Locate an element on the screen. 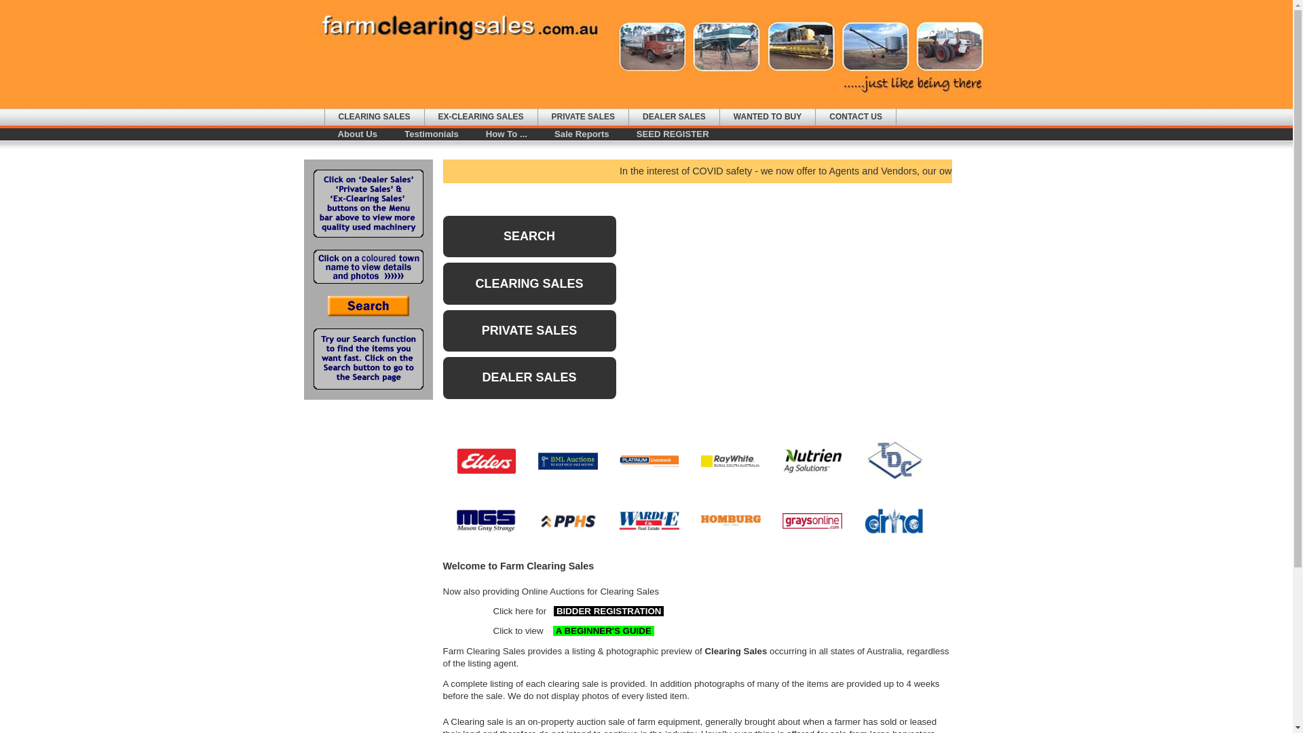  'About Us' is located at coordinates (358, 134).